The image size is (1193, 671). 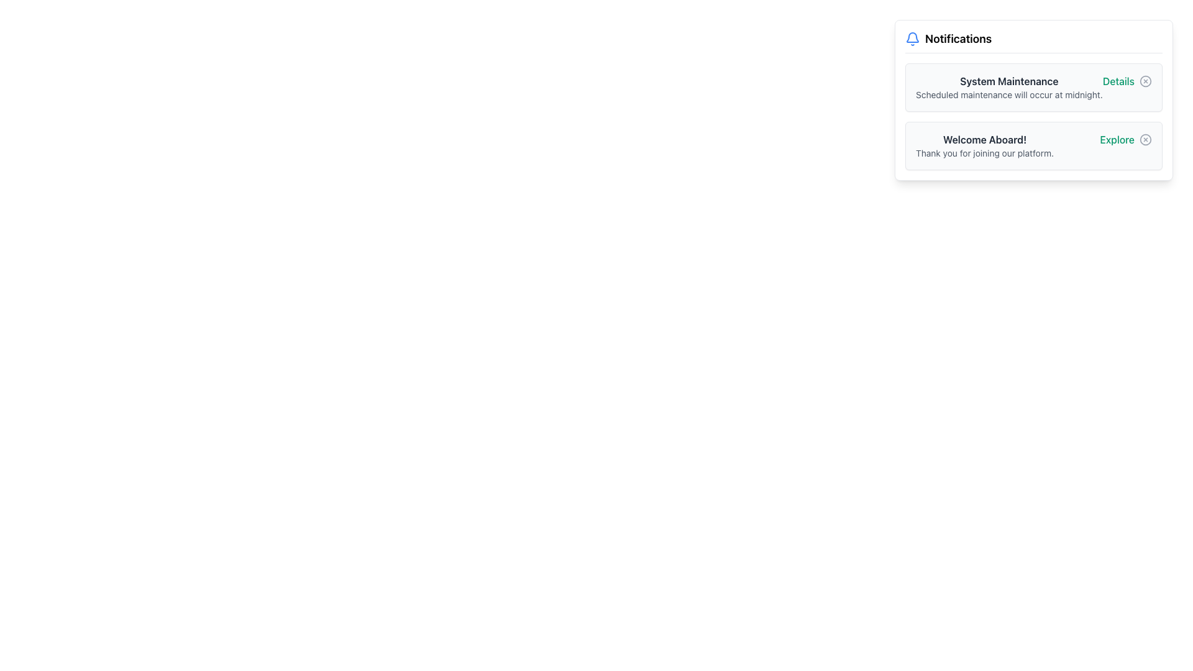 I want to click on information from the text 'Scheduled maintenance will occur at midnight.' located beneath the title 'System Maintenance' in the notification card, so click(x=1009, y=94).